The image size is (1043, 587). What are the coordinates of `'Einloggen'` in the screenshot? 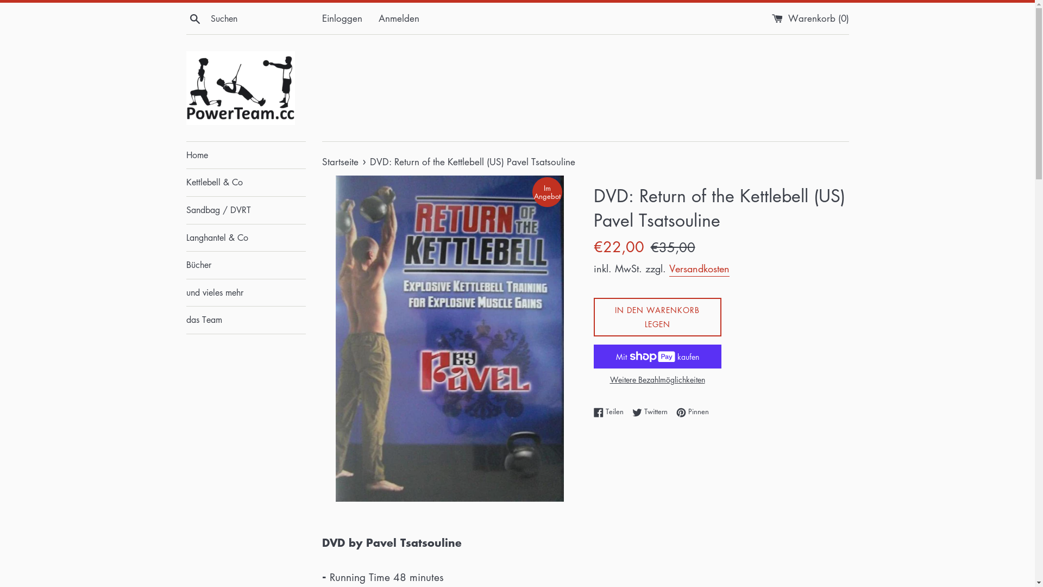 It's located at (341, 18).